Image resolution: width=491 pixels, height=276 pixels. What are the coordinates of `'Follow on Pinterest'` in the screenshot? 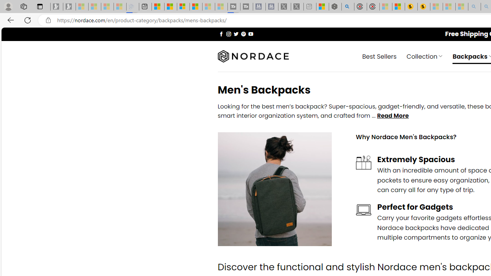 It's located at (243, 33).